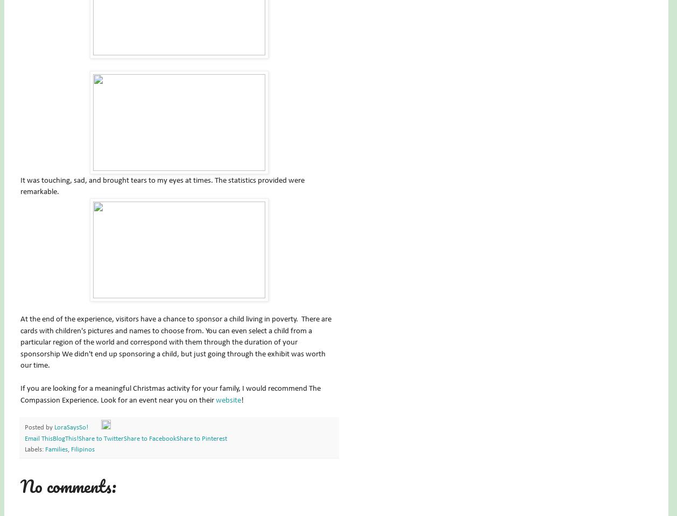  I want to click on 'Families', so click(45, 449).